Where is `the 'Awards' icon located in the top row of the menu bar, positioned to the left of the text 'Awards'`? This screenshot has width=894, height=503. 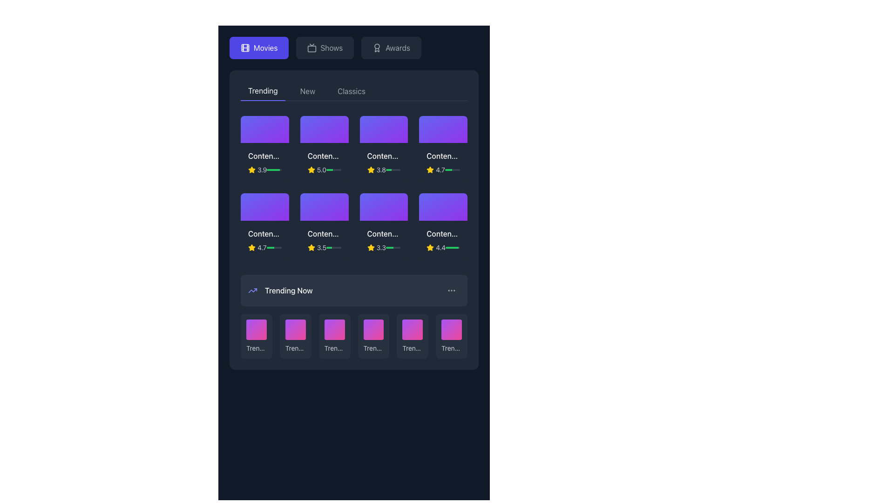
the 'Awards' icon located in the top row of the menu bar, positioned to the left of the text 'Awards' is located at coordinates (377, 48).